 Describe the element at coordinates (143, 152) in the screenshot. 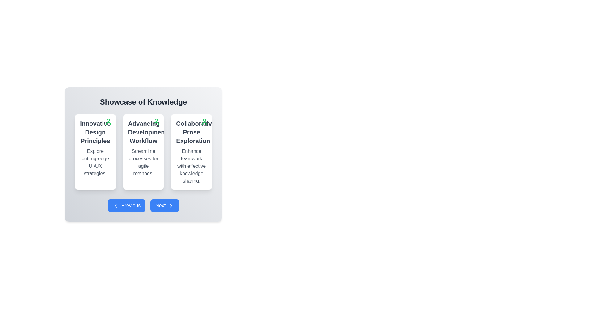

I see `the card UI component titled 'Advancing Development Workflow', which is the second card in a row of three, featuring a white background, rounded corners, and a green icon at the top-right corner` at that location.